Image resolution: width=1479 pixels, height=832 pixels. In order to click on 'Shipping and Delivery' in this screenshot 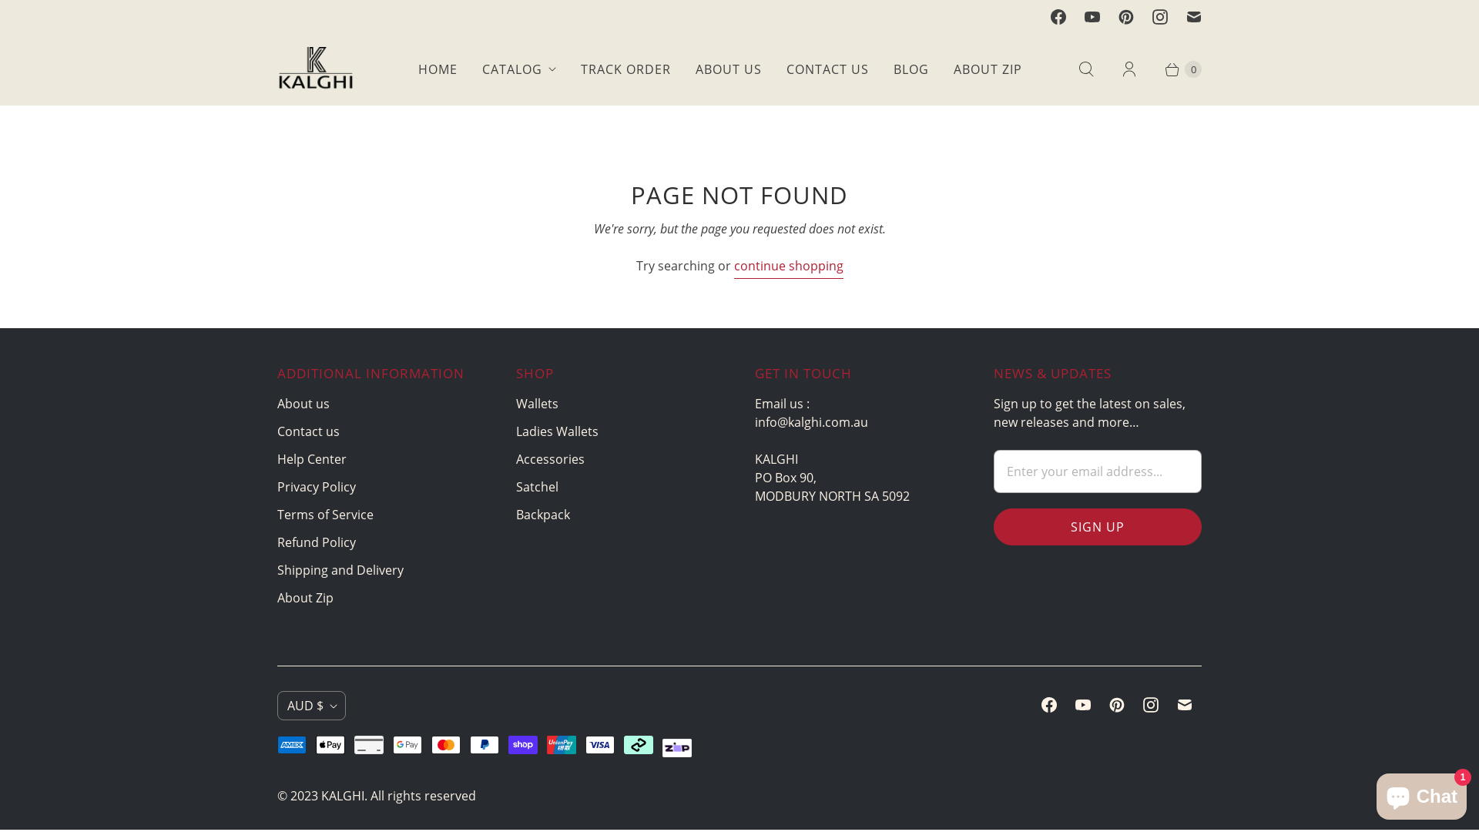, I will do `click(339, 570)`.